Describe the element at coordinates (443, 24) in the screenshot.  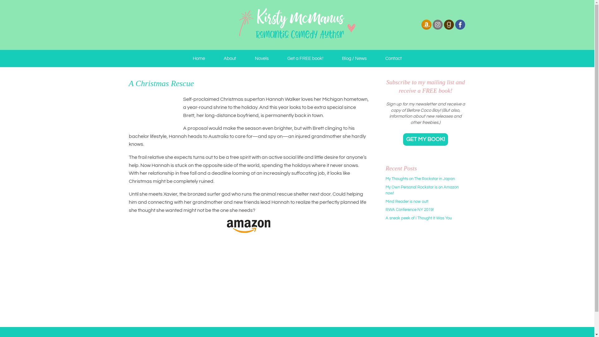
I see `'Goodreads'` at that location.